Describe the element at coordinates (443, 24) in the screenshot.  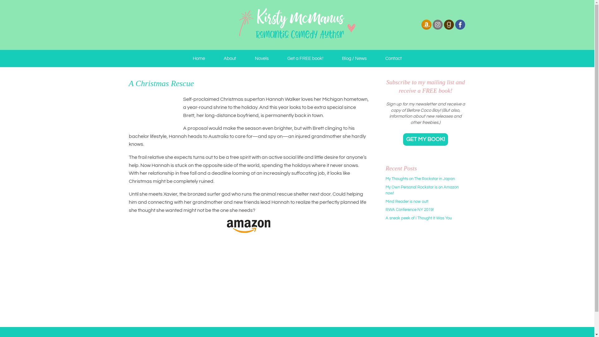
I see `'Goodreads'` at that location.